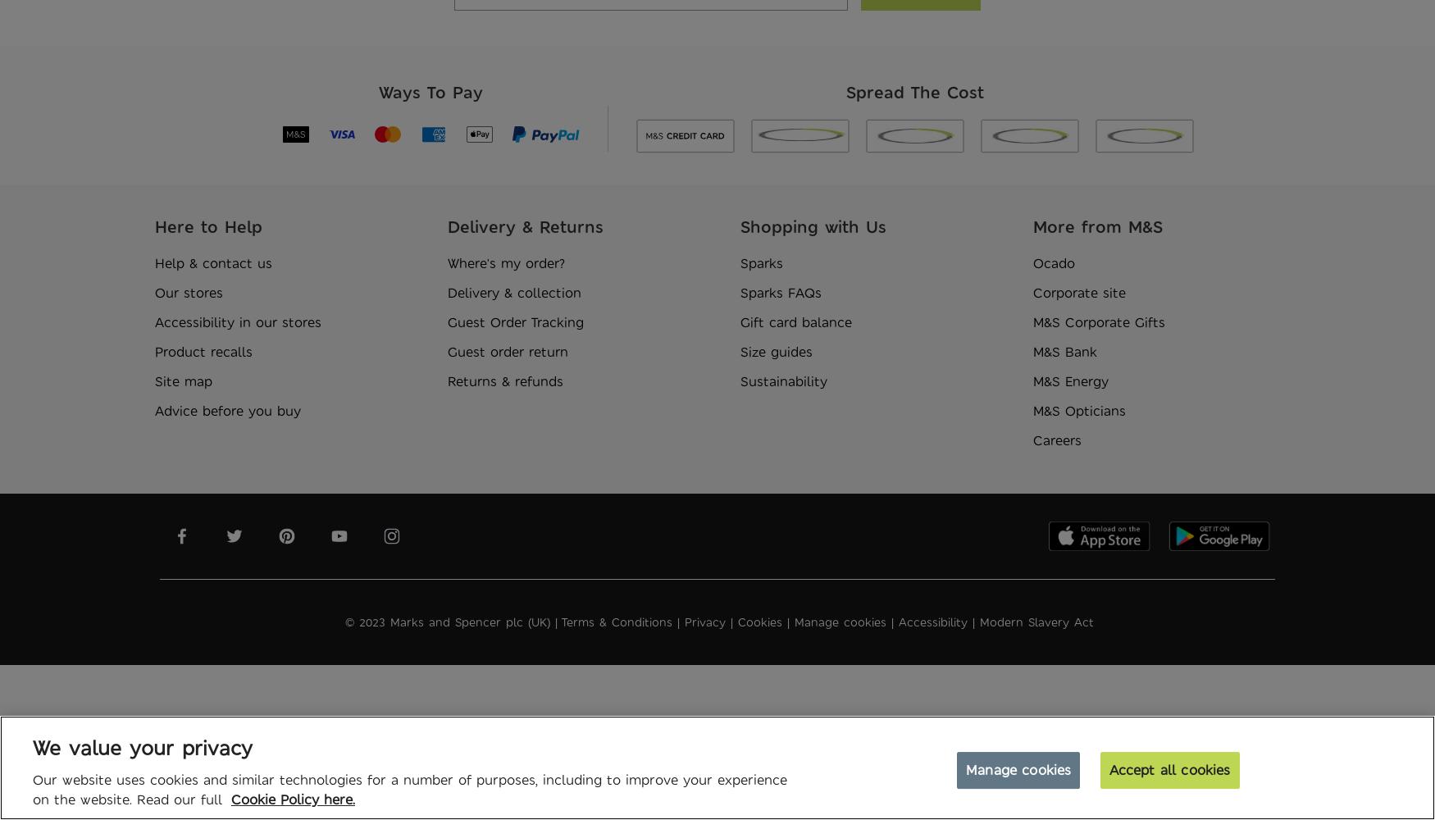  Describe the element at coordinates (430, 92) in the screenshot. I see `'Ways To Pay'` at that location.